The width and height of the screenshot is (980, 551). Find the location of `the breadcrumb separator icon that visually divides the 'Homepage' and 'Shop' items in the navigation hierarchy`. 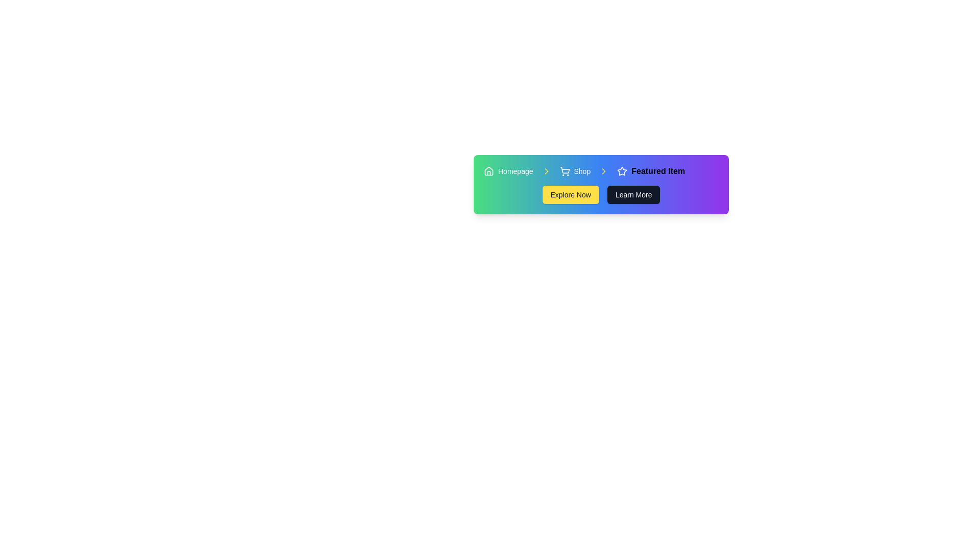

the breadcrumb separator icon that visually divides the 'Homepage' and 'Shop' items in the navigation hierarchy is located at coordinates (546, 170).